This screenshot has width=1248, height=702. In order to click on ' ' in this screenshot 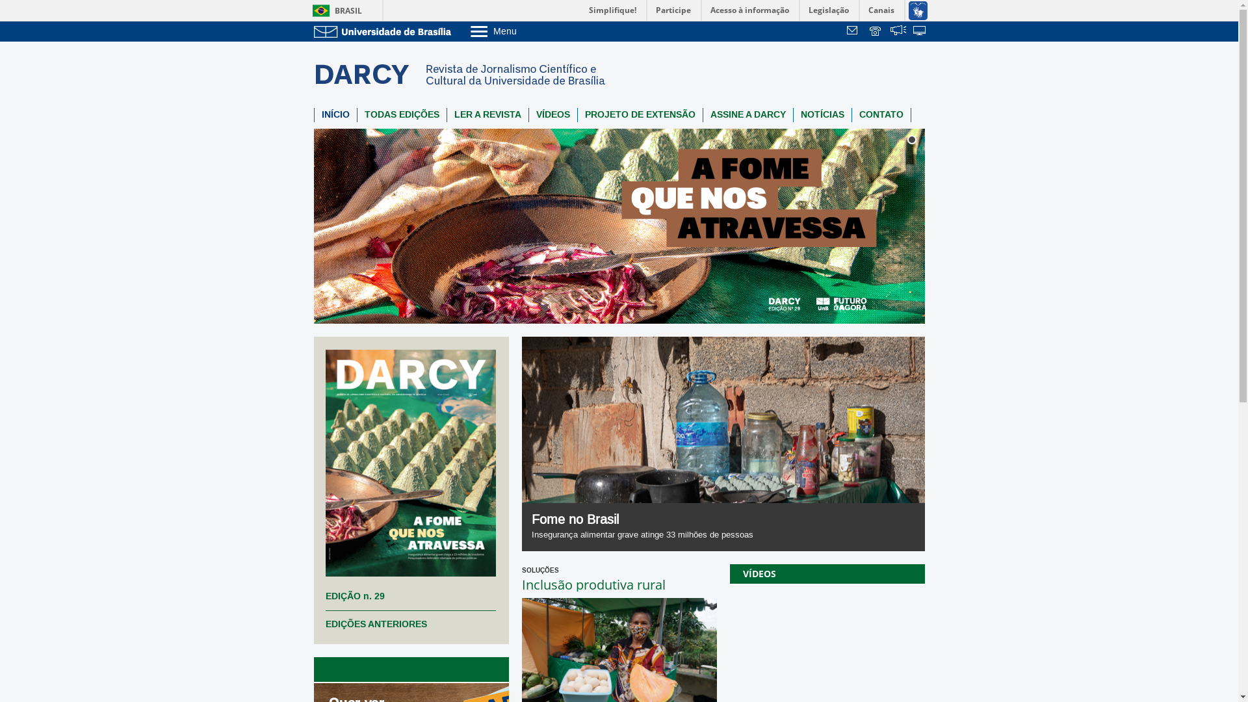, I will do `click(889, 31)`.